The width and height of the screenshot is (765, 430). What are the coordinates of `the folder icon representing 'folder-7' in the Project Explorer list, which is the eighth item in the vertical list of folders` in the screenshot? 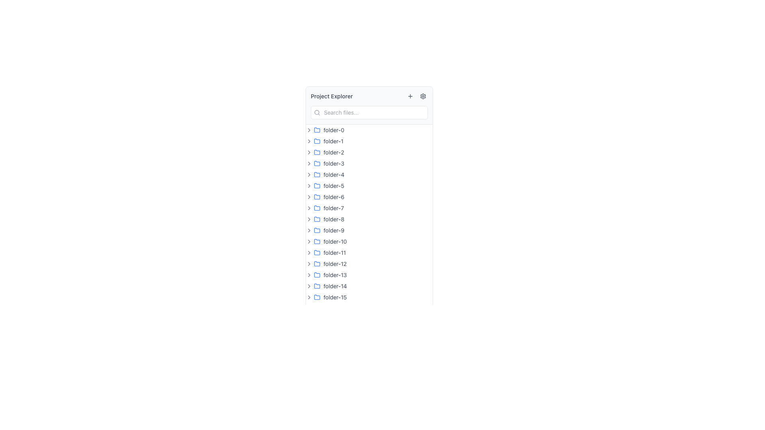 It's located at (317, 207).